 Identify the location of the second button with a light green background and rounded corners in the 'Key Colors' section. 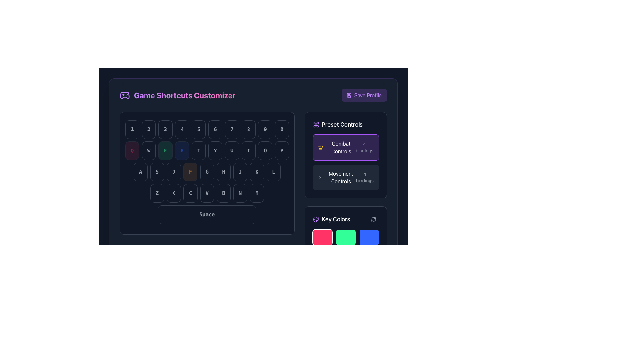
(345, 237).